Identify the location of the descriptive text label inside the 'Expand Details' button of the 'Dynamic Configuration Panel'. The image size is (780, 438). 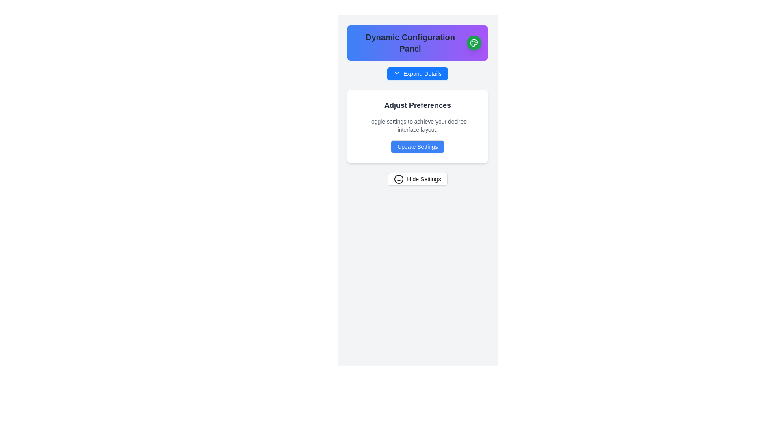
(422, 73).